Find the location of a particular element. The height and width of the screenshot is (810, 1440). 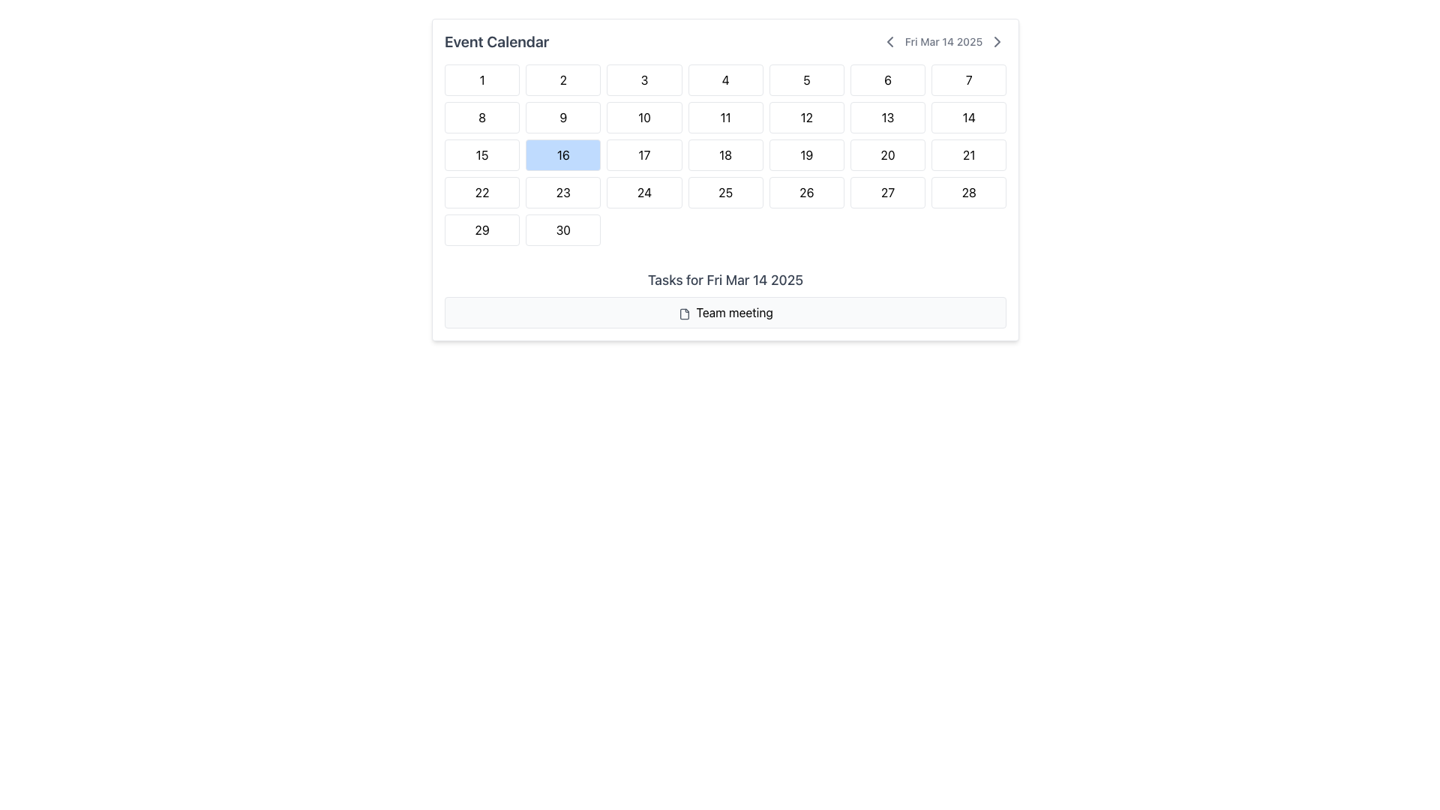

the button displaying the number '14' in a calendar interface, which is the seventh item in the second row of a 7-column grid layout is located at coordinates (969, 117).